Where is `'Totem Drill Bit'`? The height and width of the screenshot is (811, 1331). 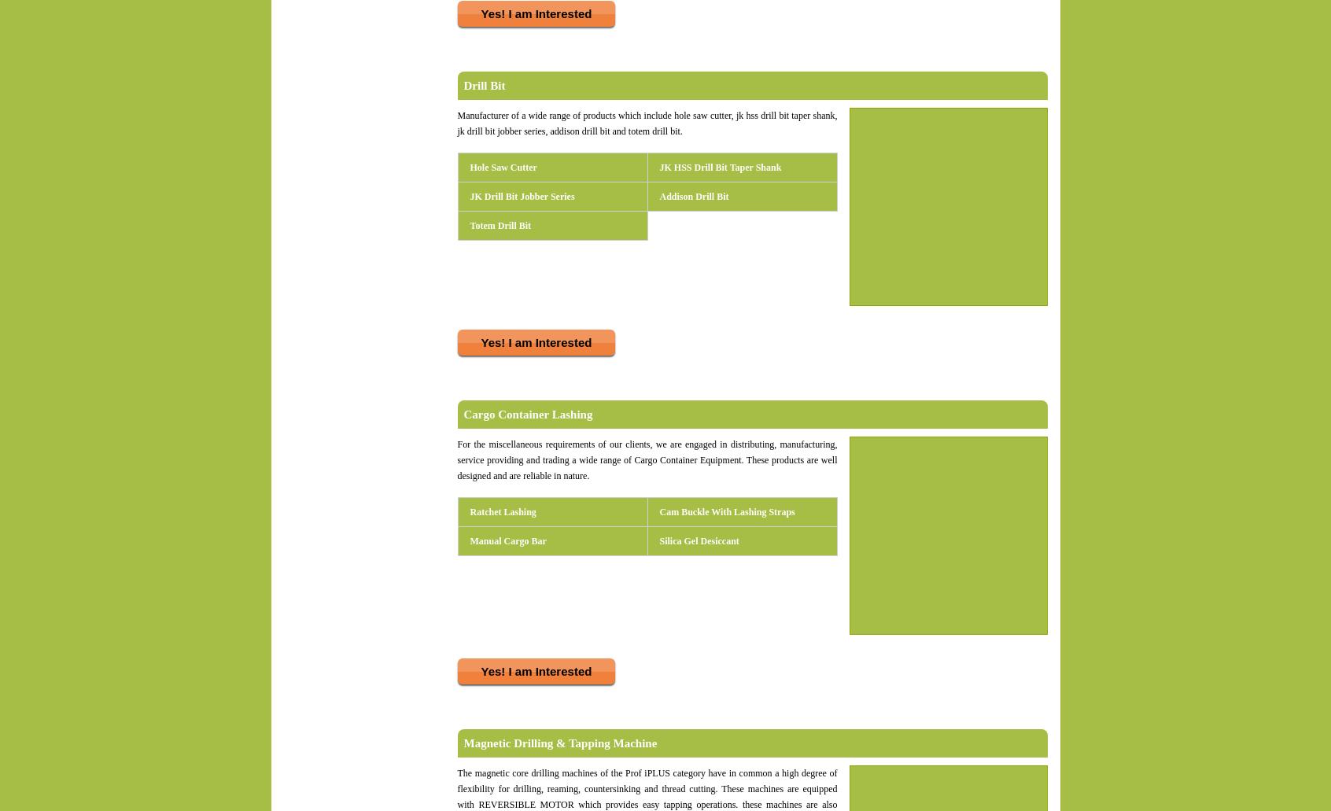 'Totem Drill Bit' is located at coordinates (500, 226).